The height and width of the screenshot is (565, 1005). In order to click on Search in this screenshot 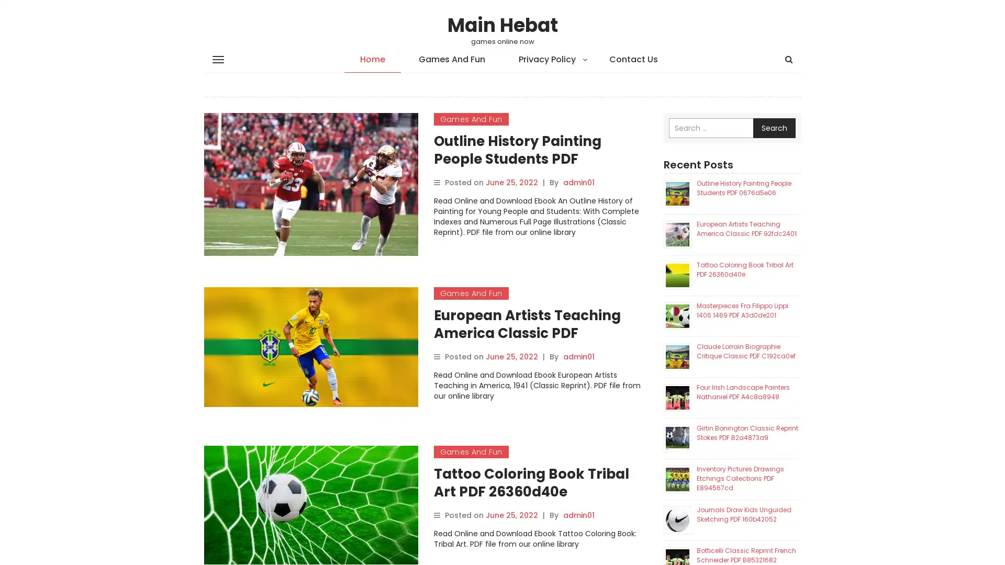, I will do `click(774, 128)`.